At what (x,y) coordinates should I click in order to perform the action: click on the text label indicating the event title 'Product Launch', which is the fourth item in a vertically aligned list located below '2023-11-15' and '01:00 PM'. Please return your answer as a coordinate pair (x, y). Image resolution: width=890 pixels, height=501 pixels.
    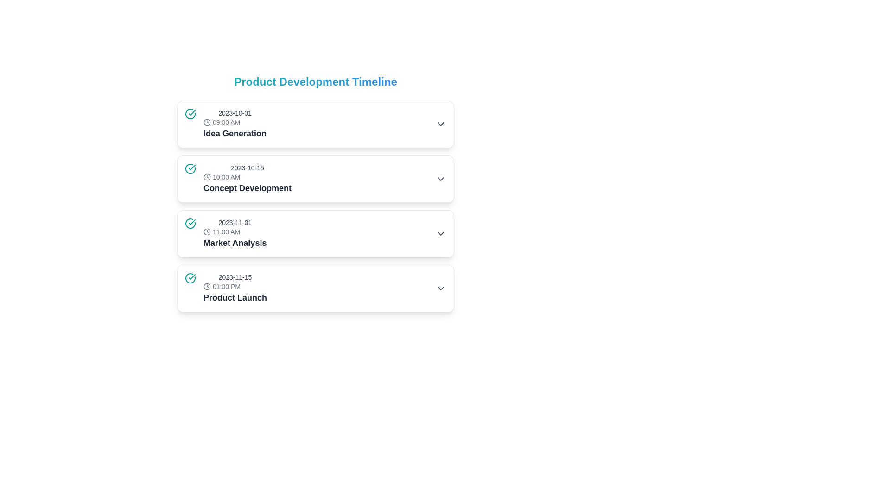
    Looking at the image, I should click on (235, 297).